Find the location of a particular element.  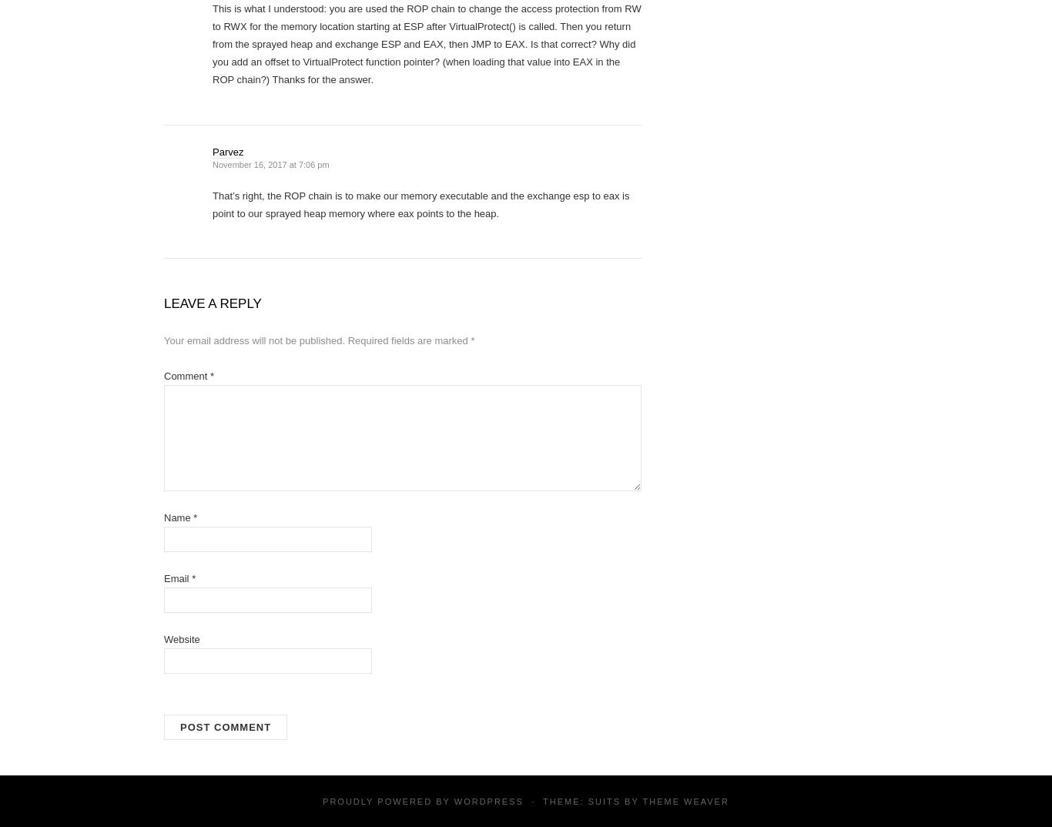

'Comment' is located at coordinates (186, 375).